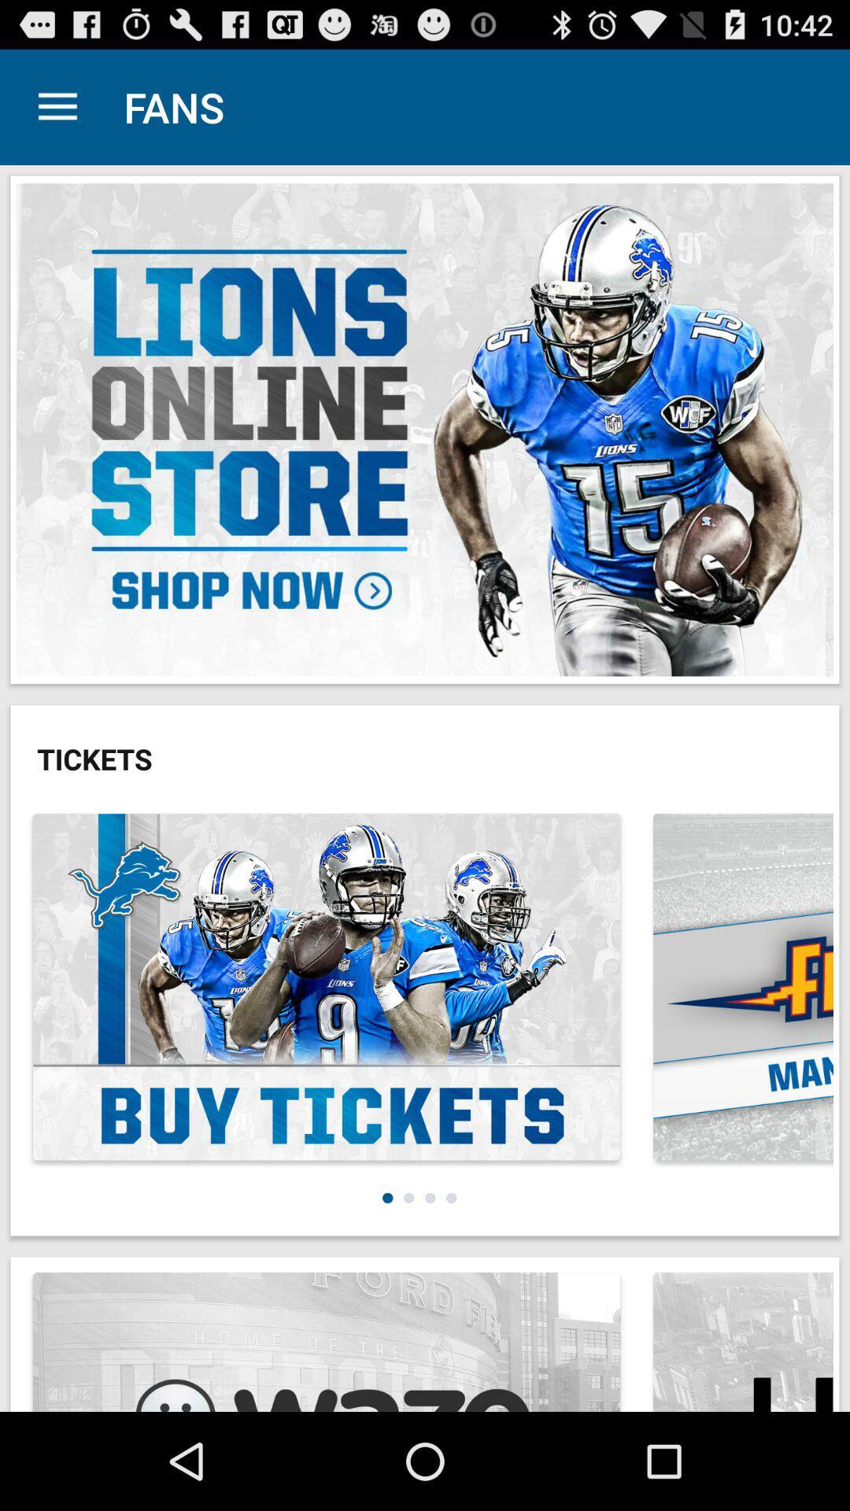  Describe the element at coordinates (57, 106) in the screenshot. I see `app next to the fans` at that location.